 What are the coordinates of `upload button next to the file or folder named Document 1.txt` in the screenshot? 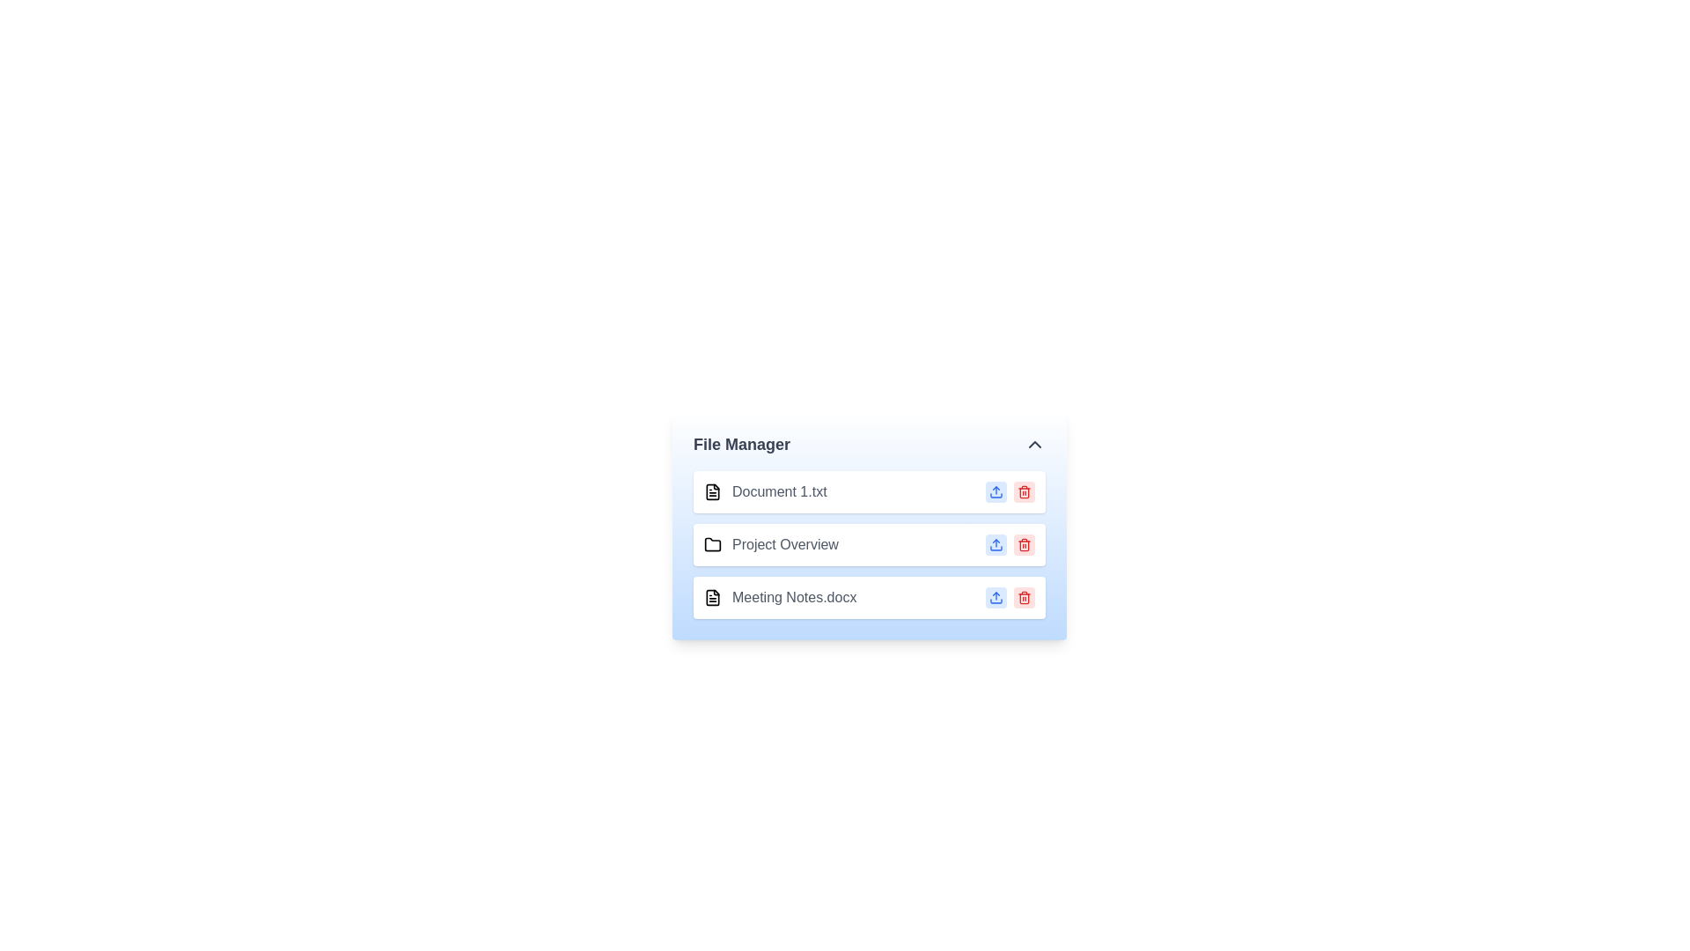 It's located at (996, 492).